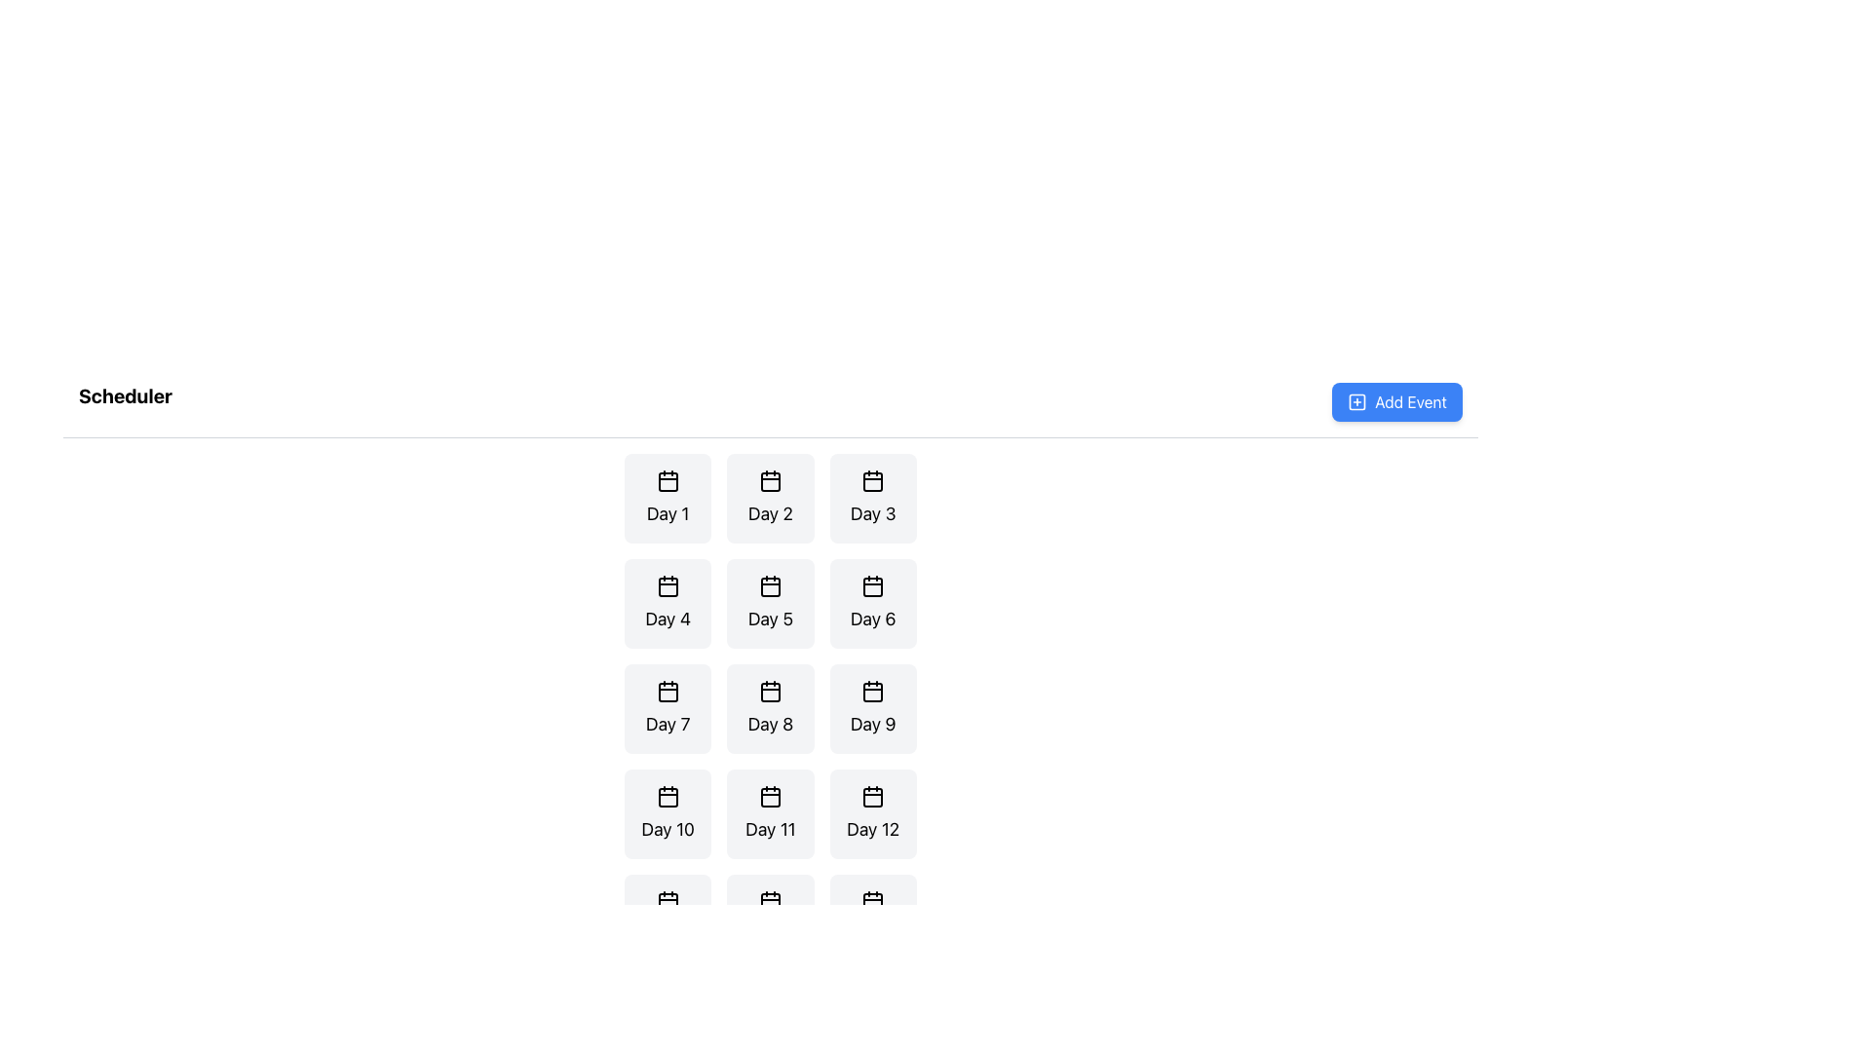 The height and width of the screenshot is (1052, 1871). I want to click on the calendar icon embedded in the 'Day 4' button, so click(668, 584).